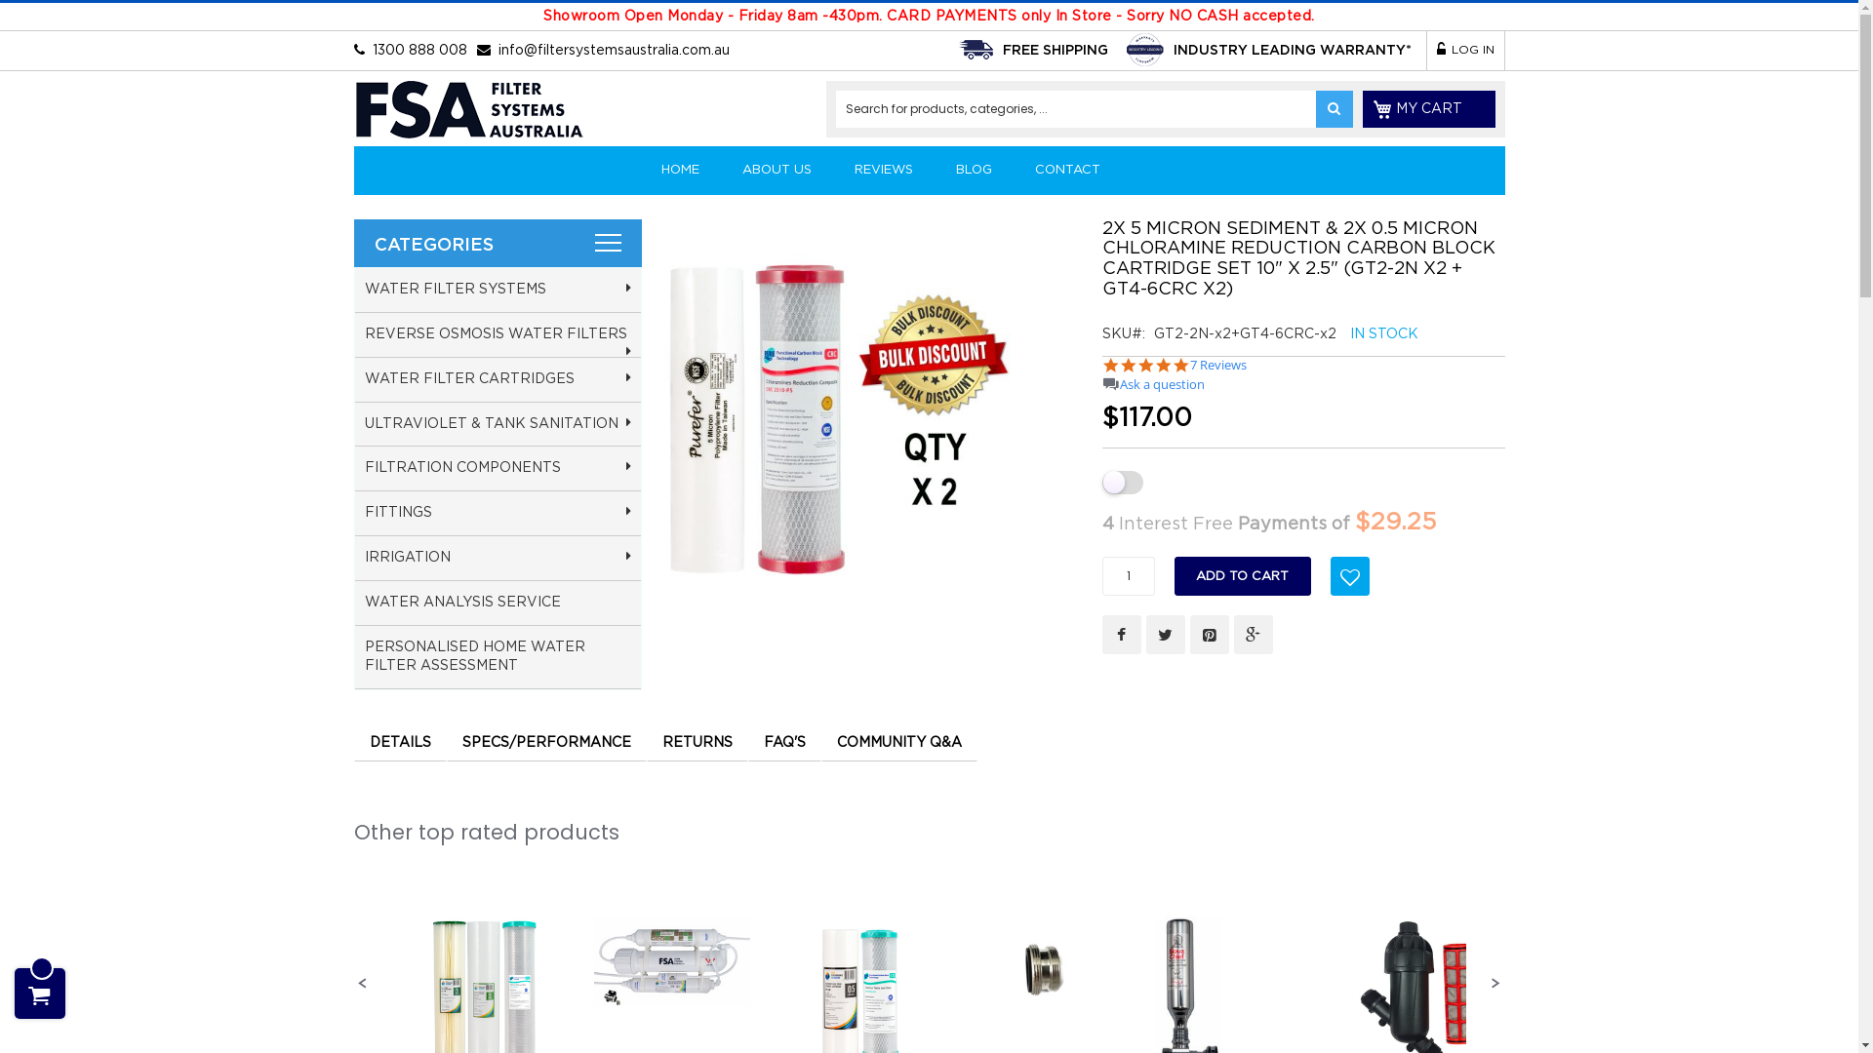 This screenshot has height=1053, width=1873. Describe the element at coordinates (1128, 574) in the screenshot. I see `'Qty'` at that location.